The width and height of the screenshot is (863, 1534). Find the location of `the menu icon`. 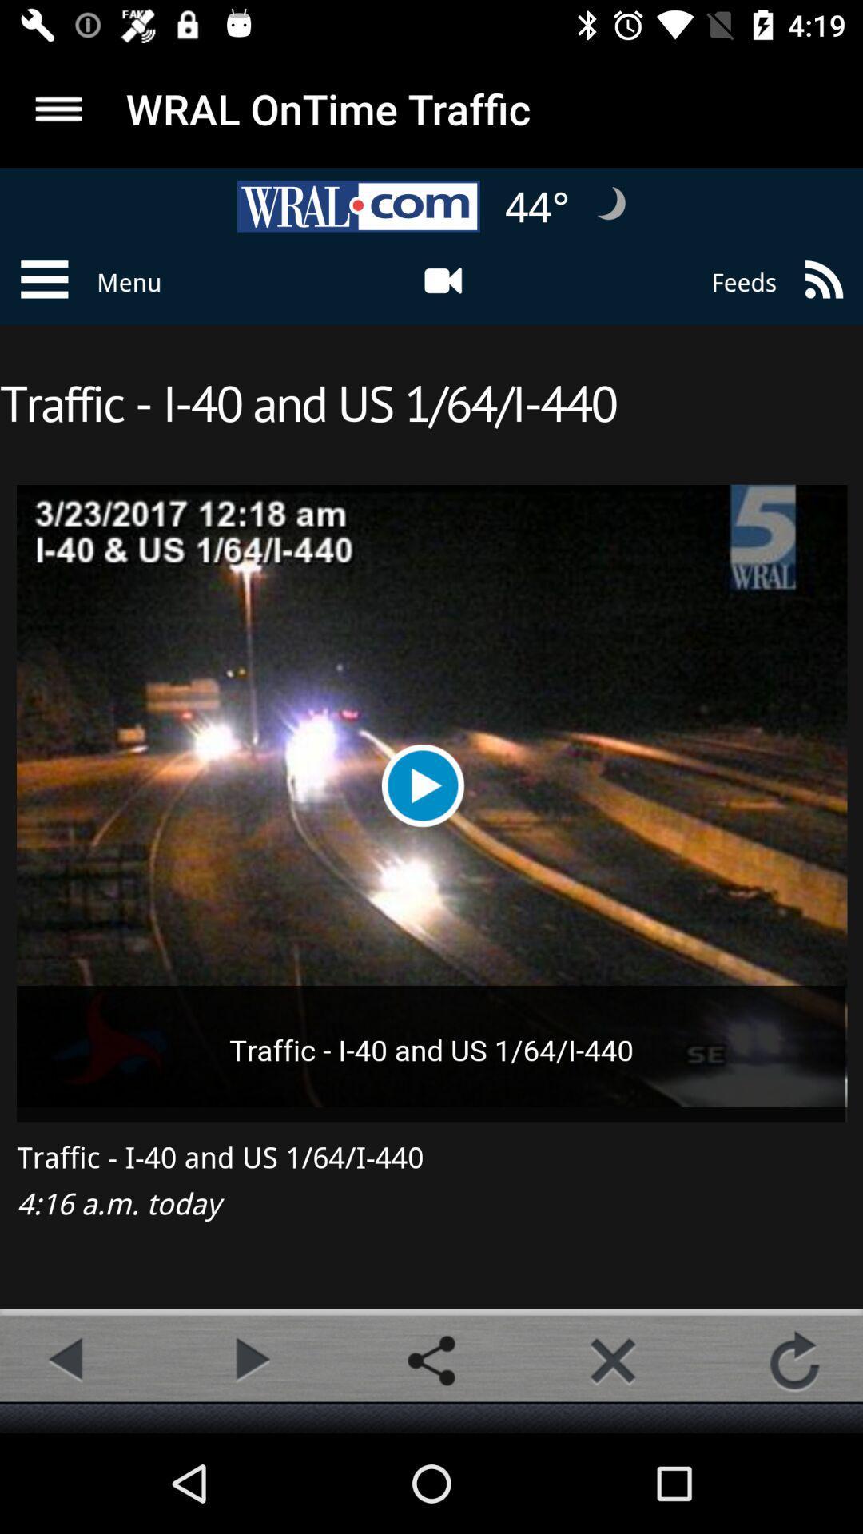

the menu icon is located at coordinates (58, 108).